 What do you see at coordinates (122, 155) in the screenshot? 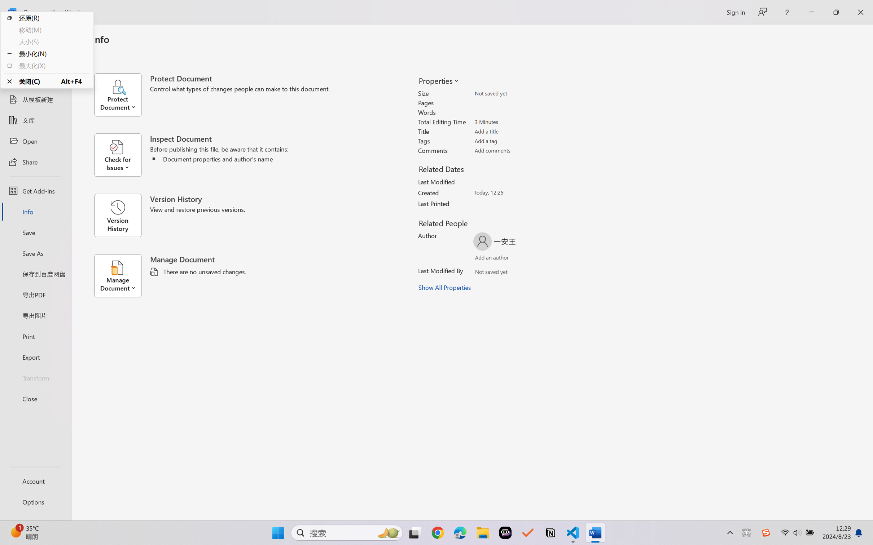
I see `'Check for Issues'` at bounding box center [122, 155].